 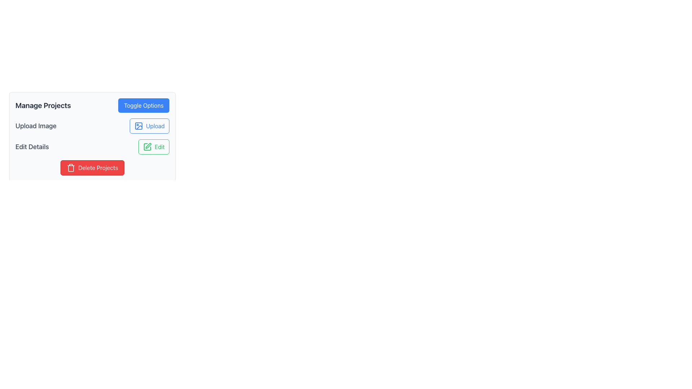 What do you see at coordinates (149, 126) in the screenshot?
I see `the 'Upload' button with a blue border and text, located in the middle-right section of the interface, to upload an image` at bounding box center [149, 126].